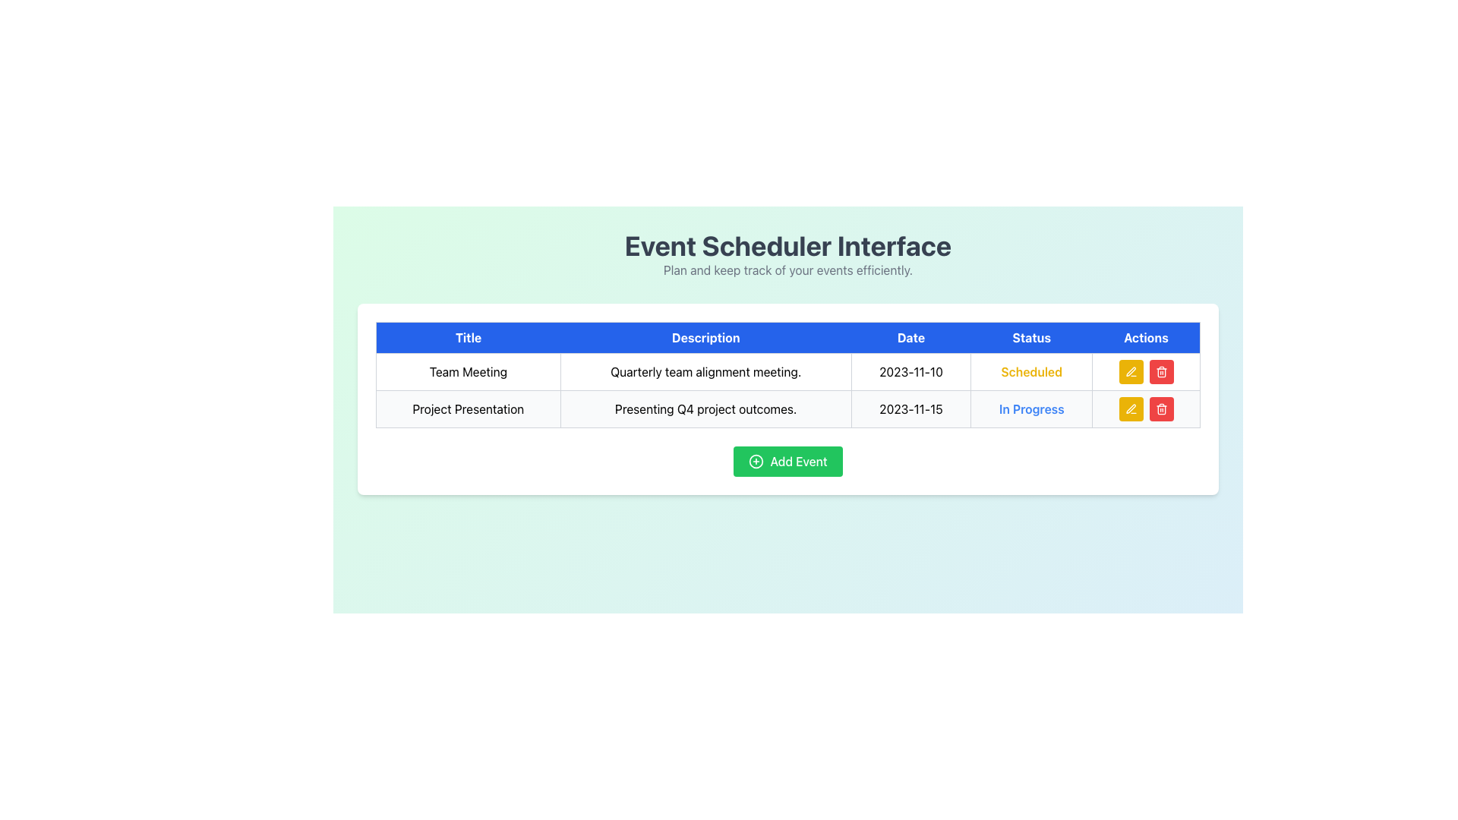 This screenshot has height=820, width=1458. Describe the element at coordinates (1160, 408) in the screenshot. I see `the red trash bin icon button located in the 'Actions' column of the second row corresponding to the 'Project Presentation' row in the table` at that location.